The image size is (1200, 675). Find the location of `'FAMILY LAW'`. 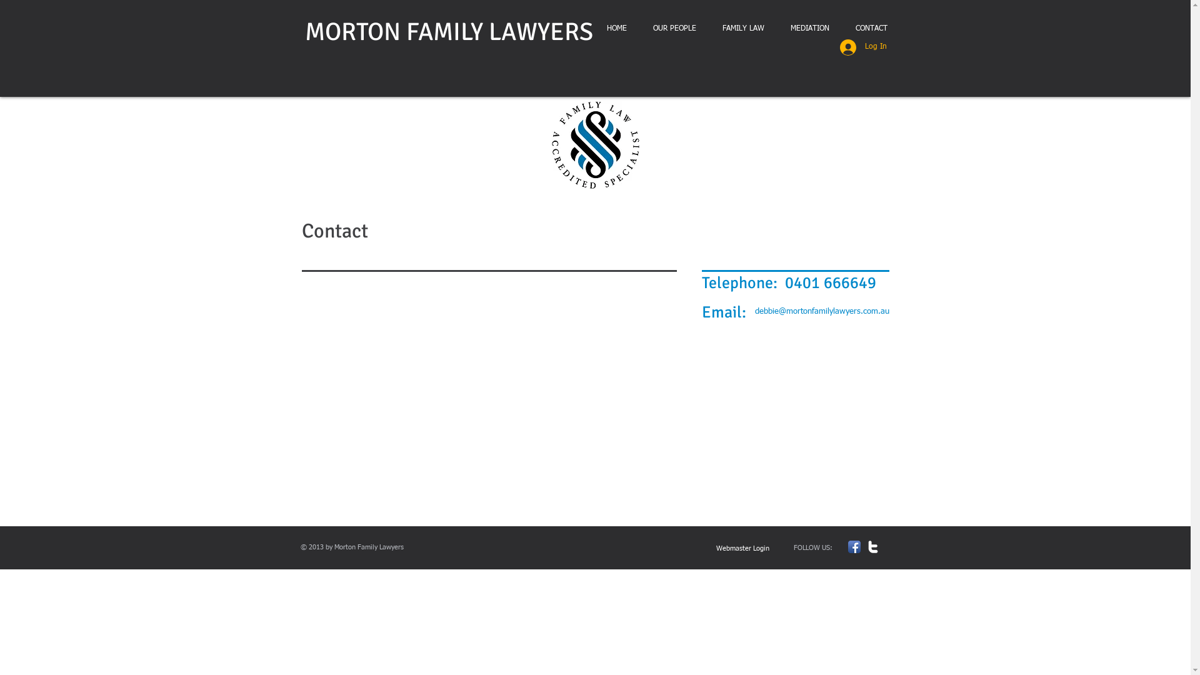

'FAMILY LAW' is located at coordinates (742, 28).